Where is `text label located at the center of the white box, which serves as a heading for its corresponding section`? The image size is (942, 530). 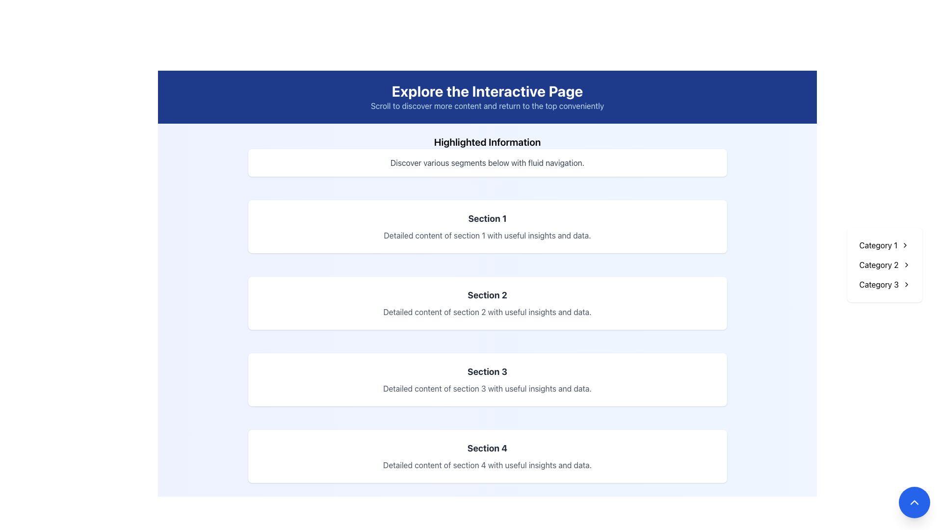 text label located at the center of the white box, which serves as a heading for its corresponding section is located at coordinates (487, 218).